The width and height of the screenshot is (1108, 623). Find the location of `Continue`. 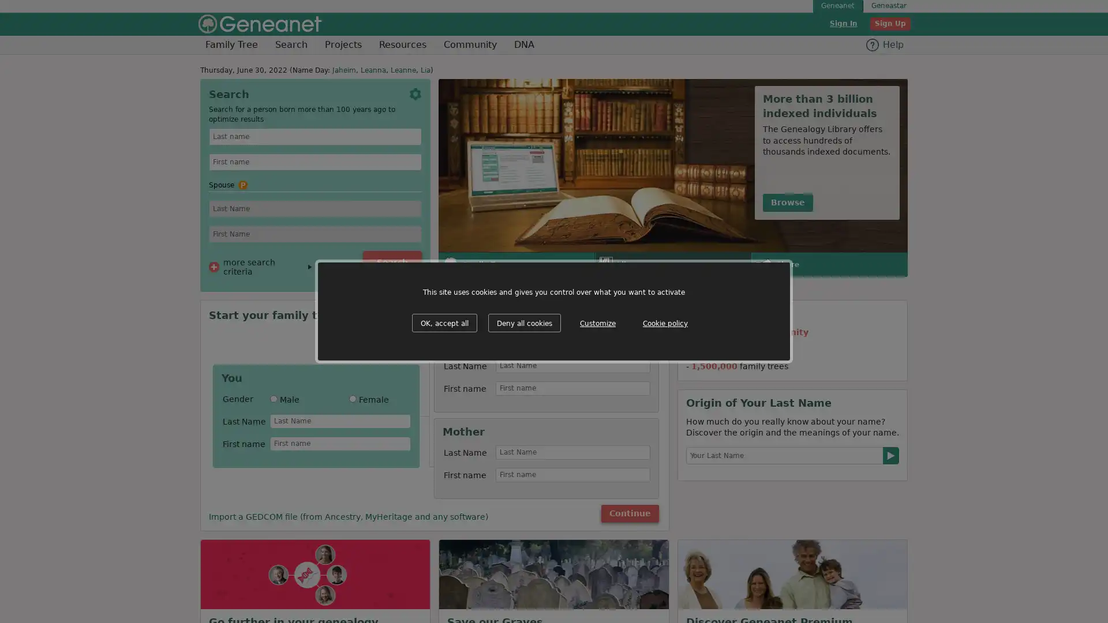

Continue is located at coordinates (628, 512).